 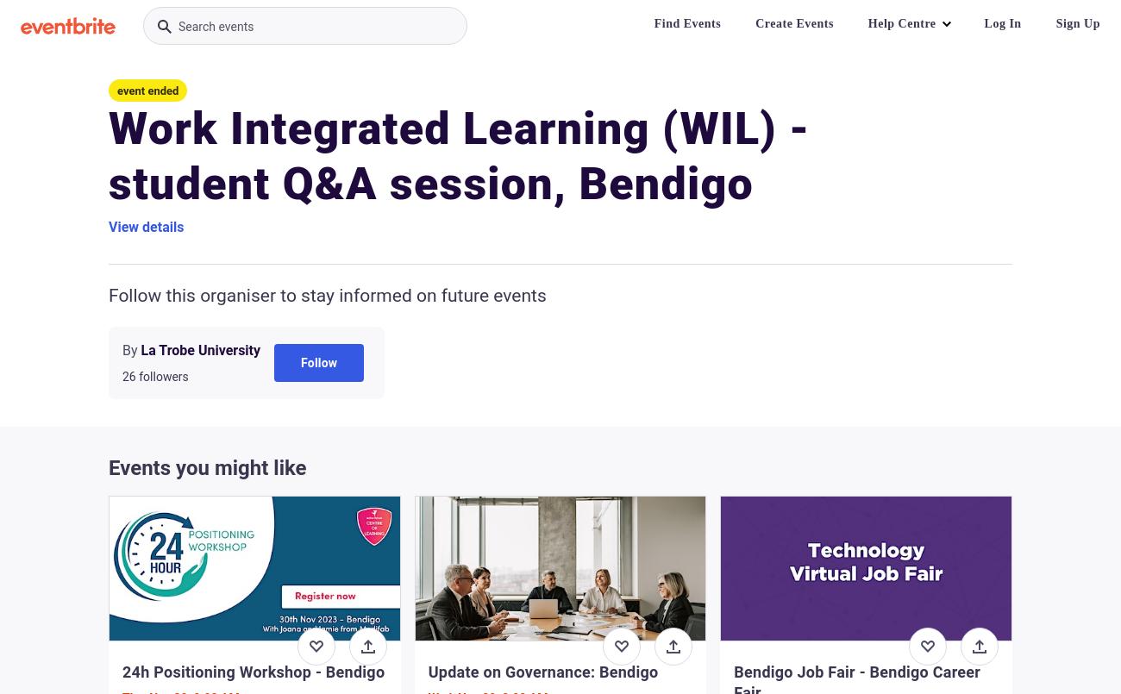 I want to click on 'By', so click(x=128, y=349).